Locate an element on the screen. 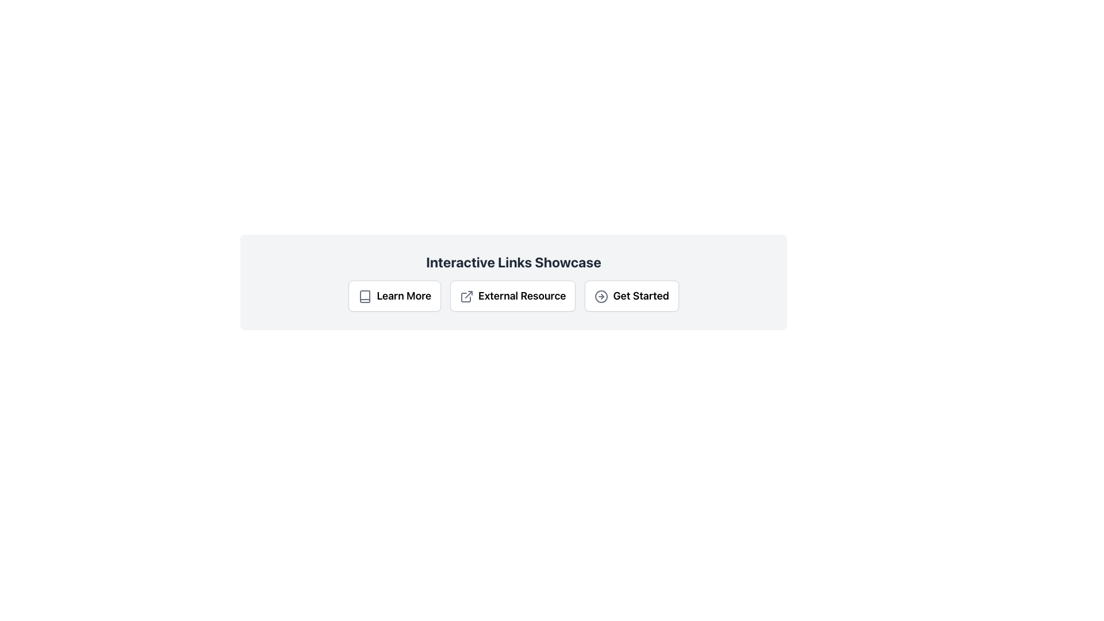  the second button in the Button Group for navigation within the 'Interactive Links Showcase' panel is located at coordinates (513, 296).